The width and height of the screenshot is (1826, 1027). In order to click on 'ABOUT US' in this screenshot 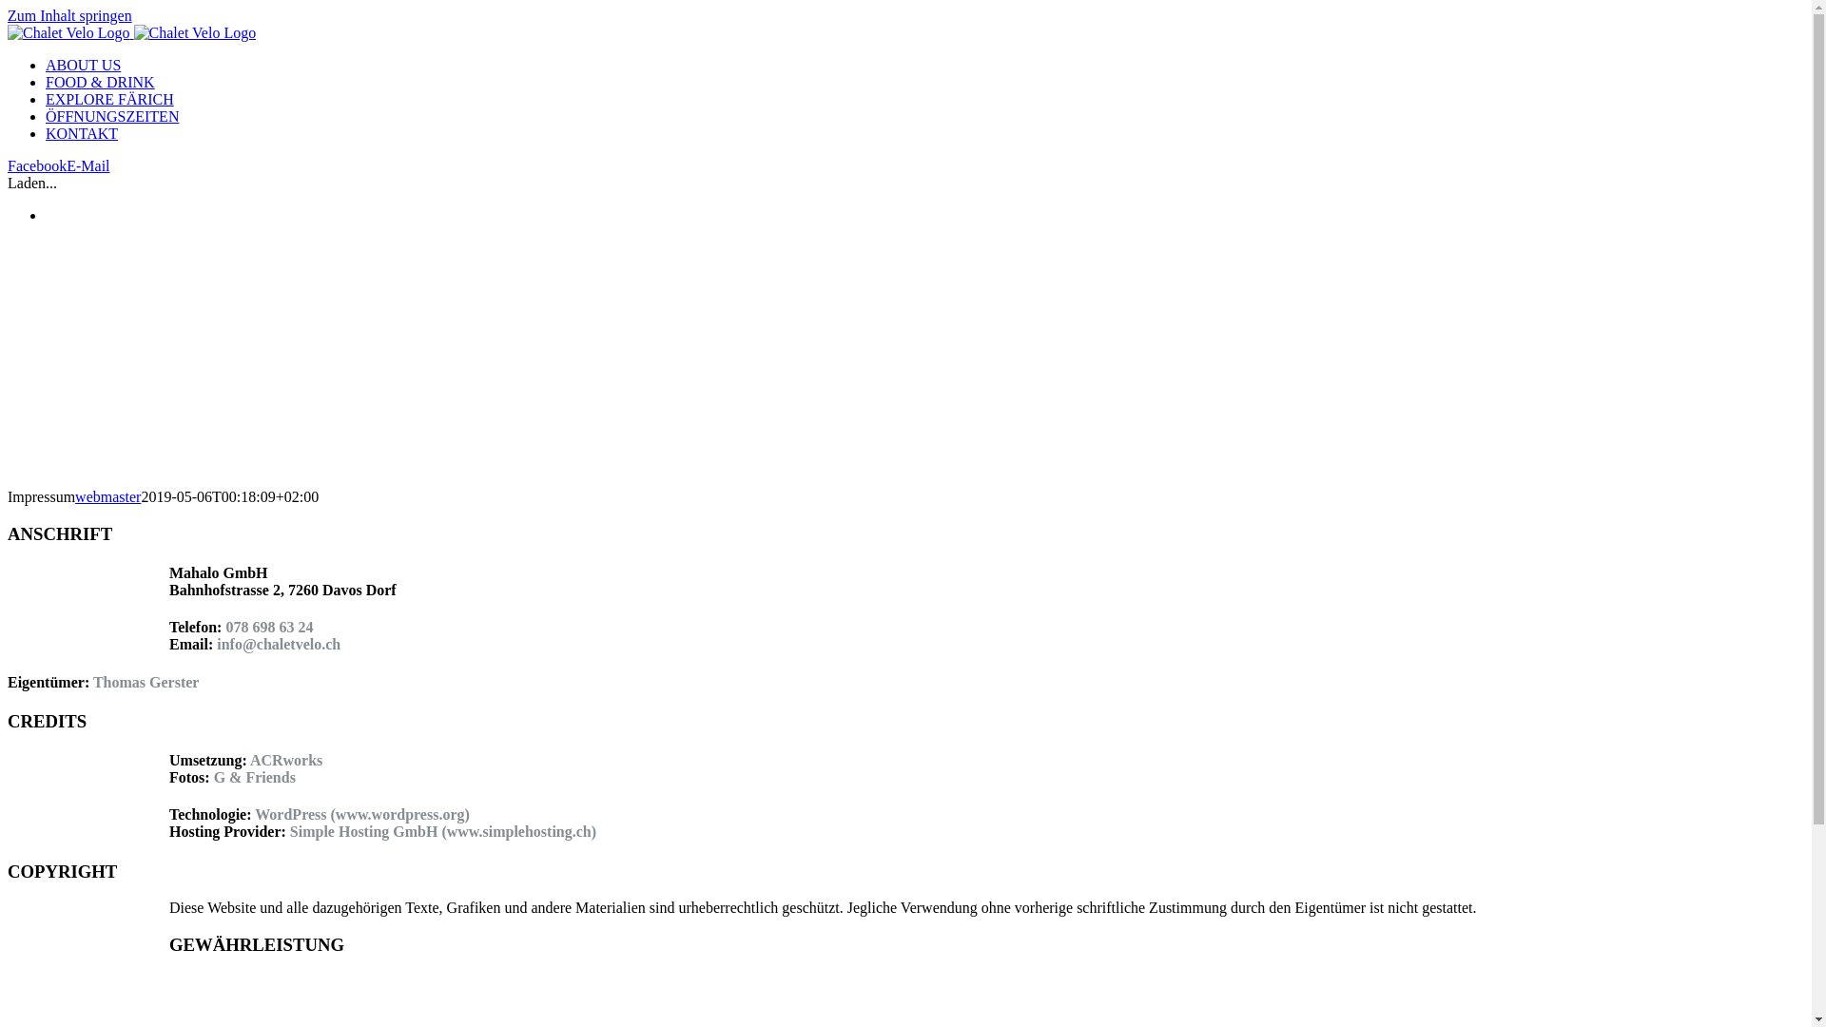, I will do `click(82, 64)`.